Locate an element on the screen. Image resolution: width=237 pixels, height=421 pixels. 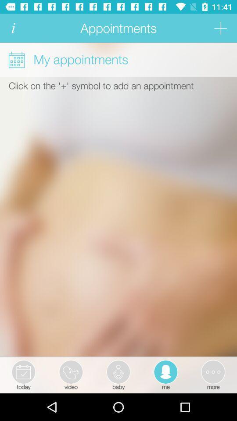
info icon is located at coordinates (13, 28).